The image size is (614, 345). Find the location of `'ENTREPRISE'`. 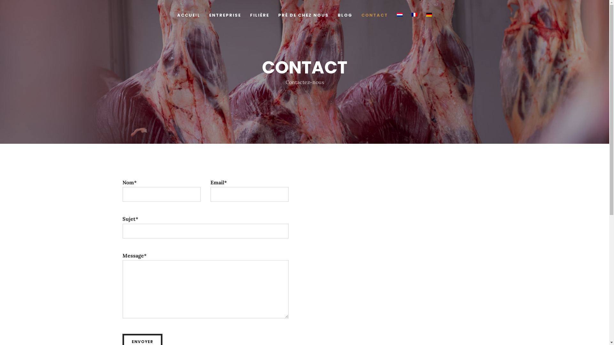

'ENTREPRISE' is located at coordinates (209, 17).